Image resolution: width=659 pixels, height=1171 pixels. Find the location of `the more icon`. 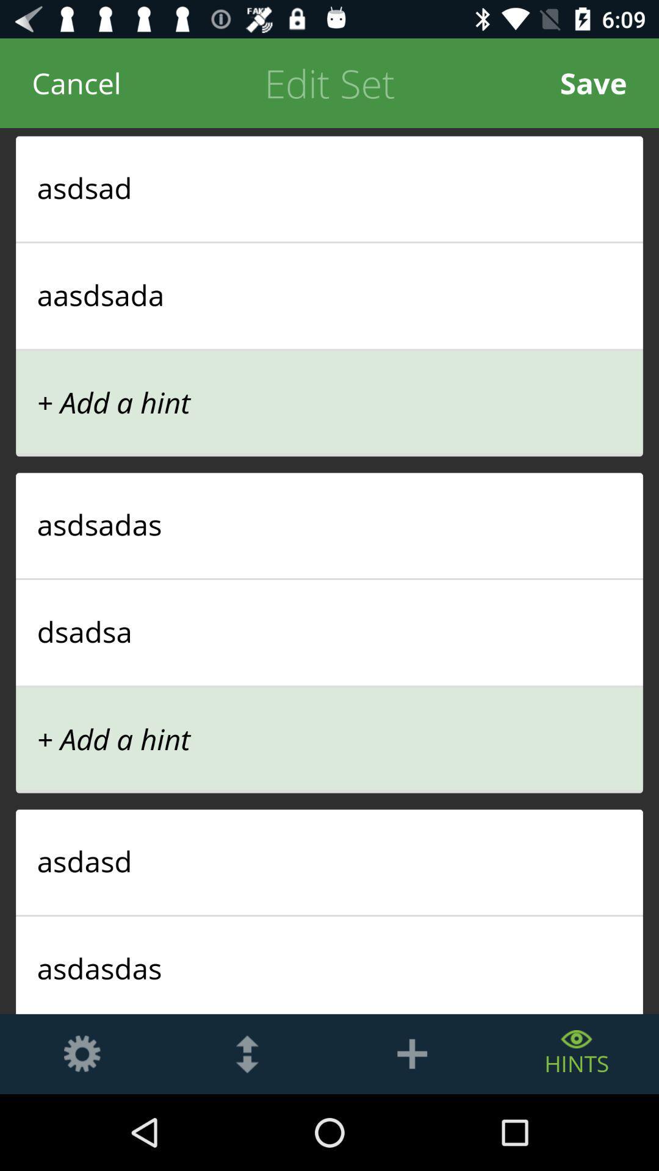

the more icon is located at coordinates (247, 1053).